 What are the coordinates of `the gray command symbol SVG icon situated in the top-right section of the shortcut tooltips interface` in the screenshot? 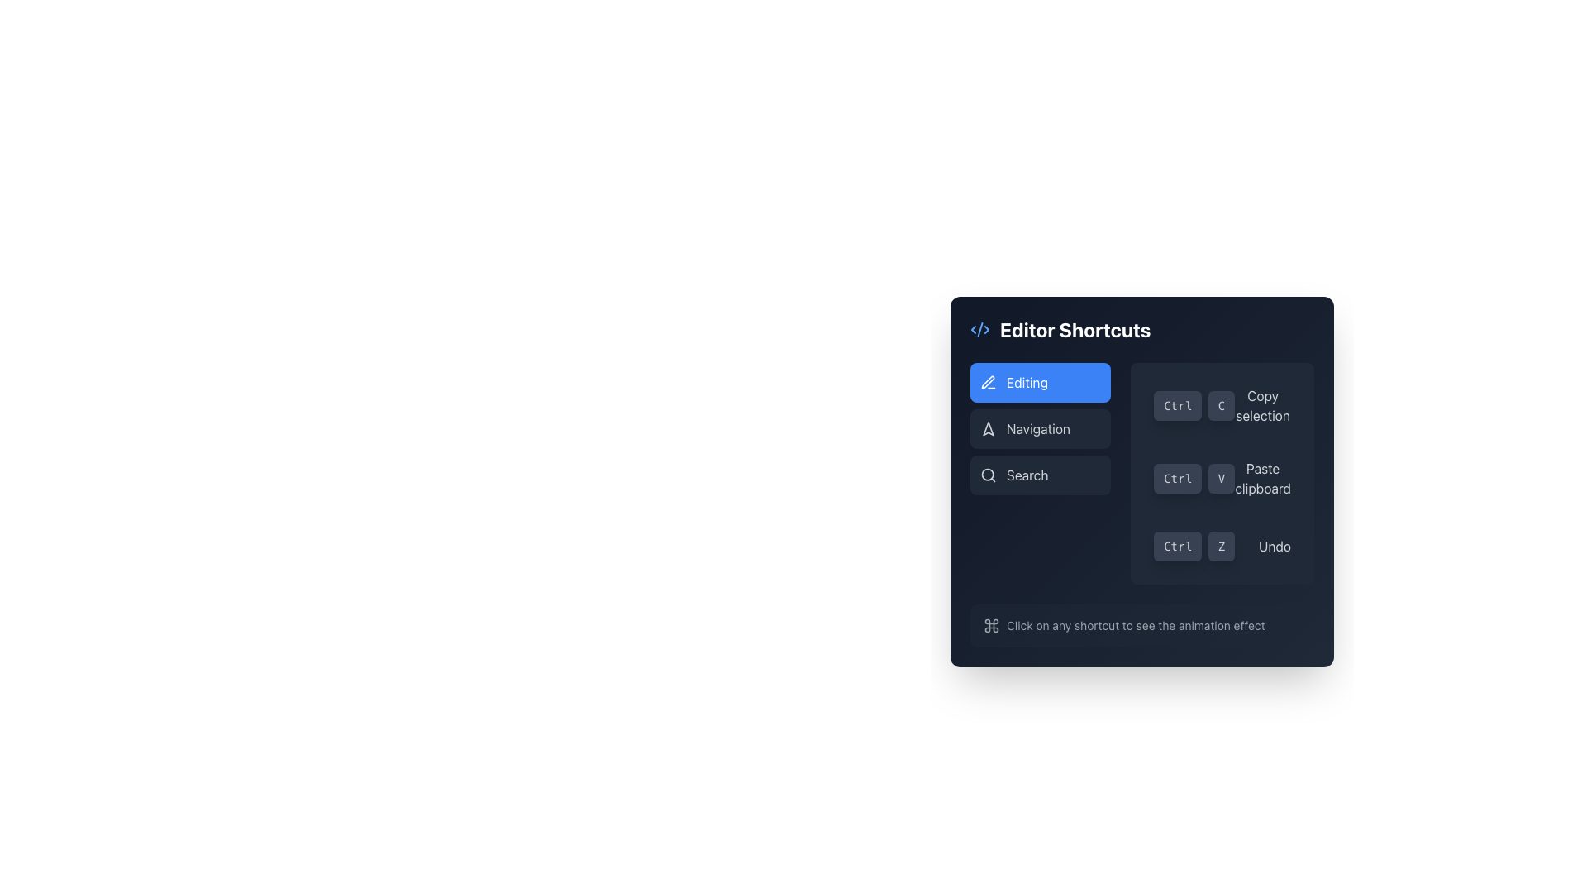 It's located at (992, 625).